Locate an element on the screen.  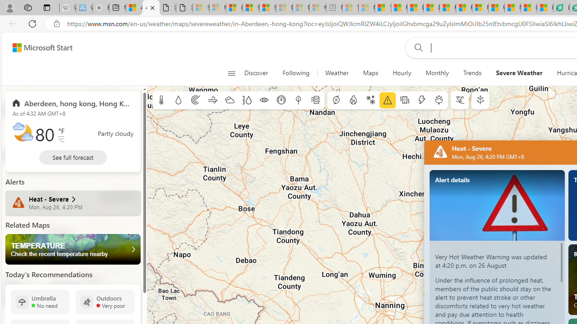
'Outdoors Very poor' is located at coordinates (105, 301).